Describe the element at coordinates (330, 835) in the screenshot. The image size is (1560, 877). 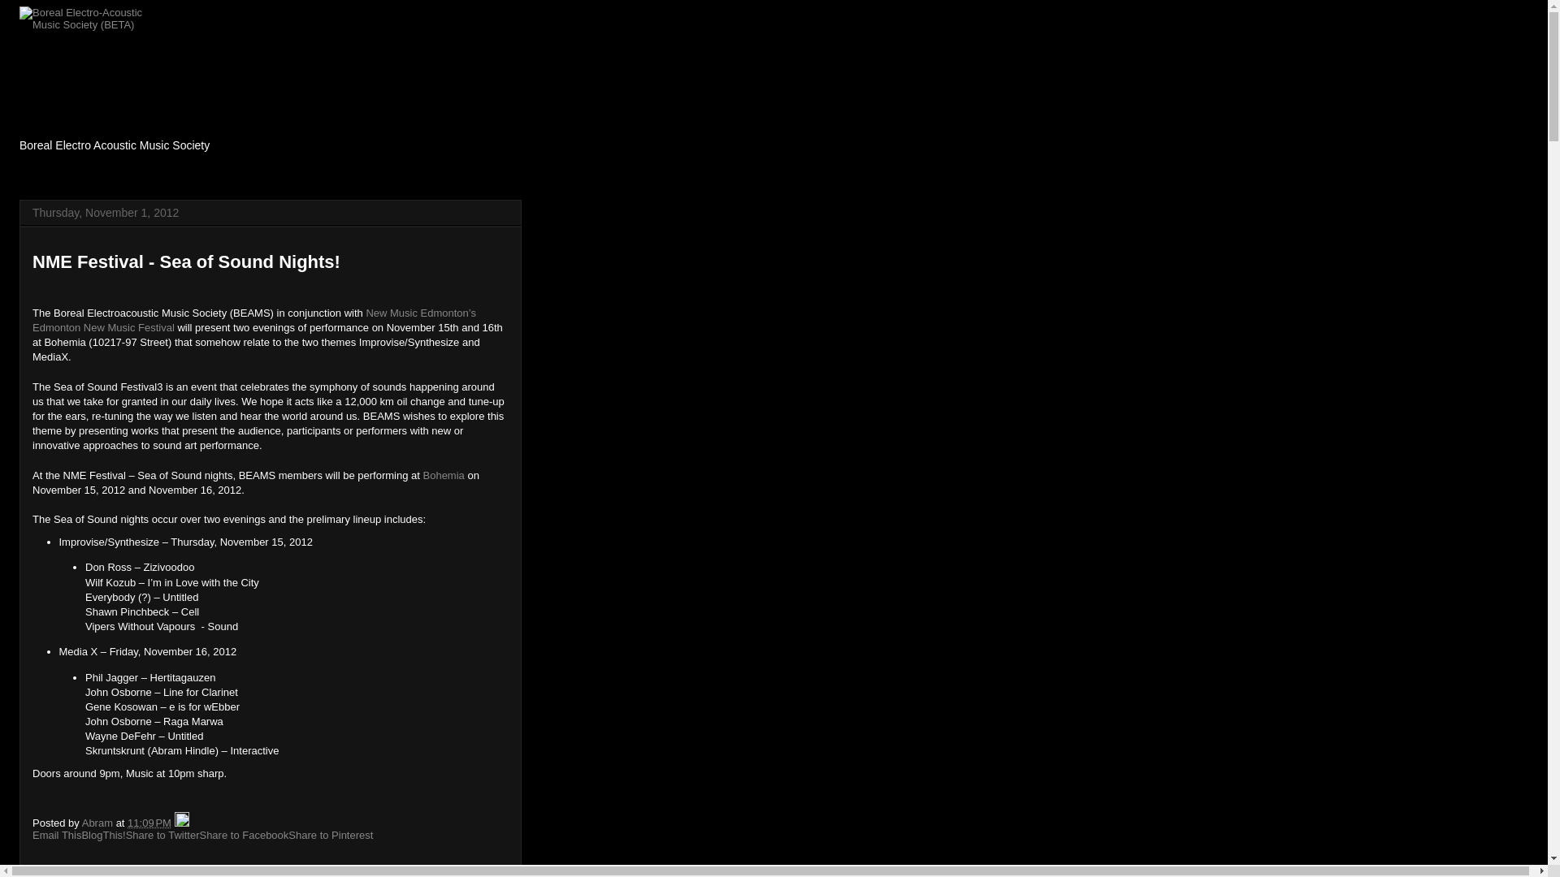
I see `'Share to Pinterest'` at that location.